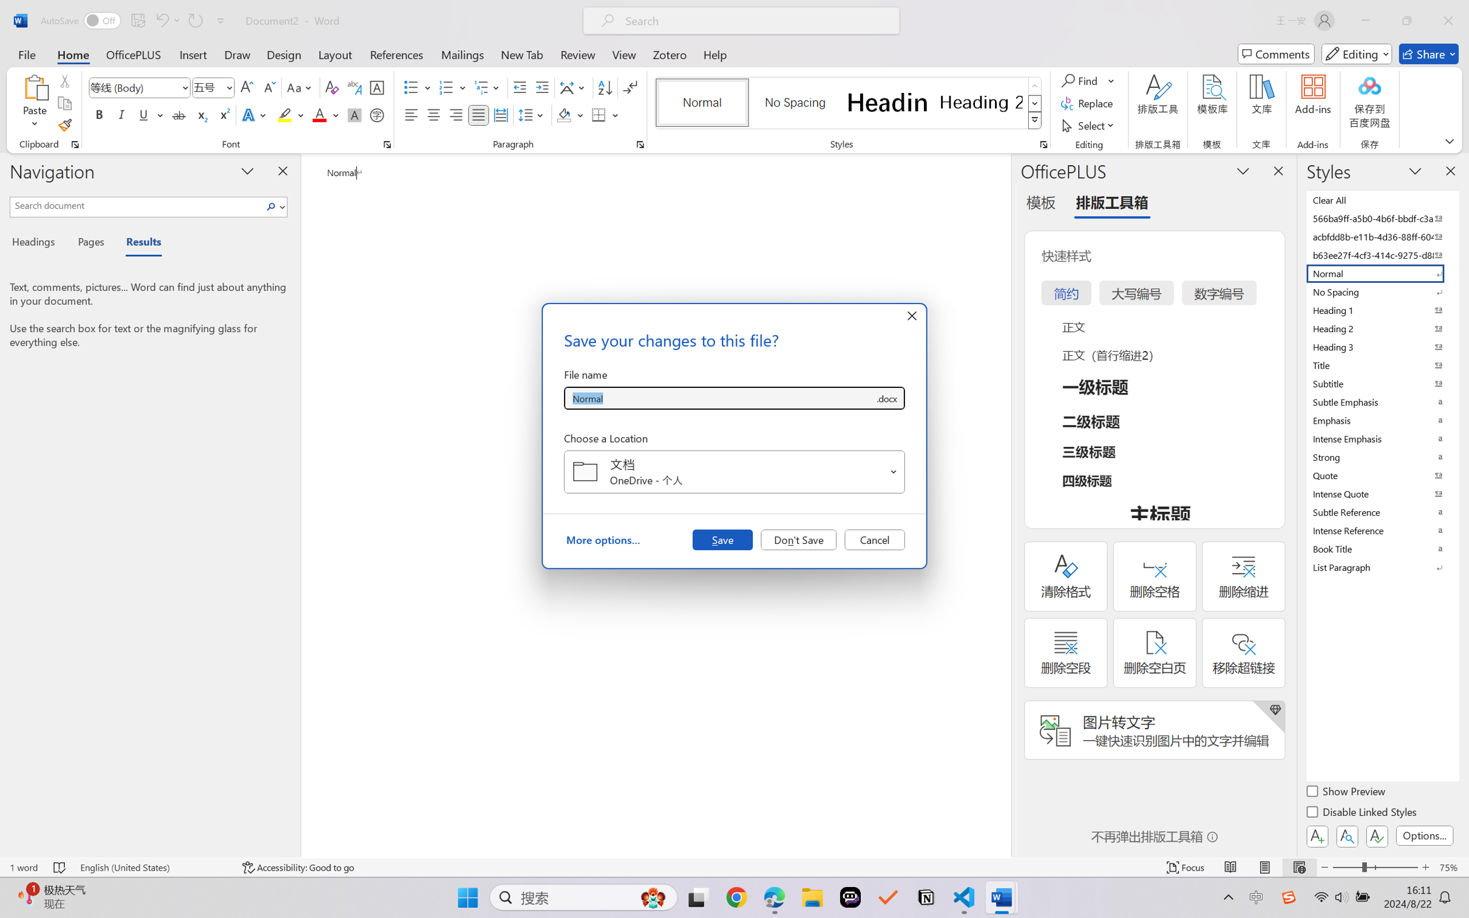 The width and height of the screenshot is (1469, 918). What do you see at coordinates (734, 867) in the screenshot?
I see `'Class: MsoCommandBar'` at bounding box center [734, 867].